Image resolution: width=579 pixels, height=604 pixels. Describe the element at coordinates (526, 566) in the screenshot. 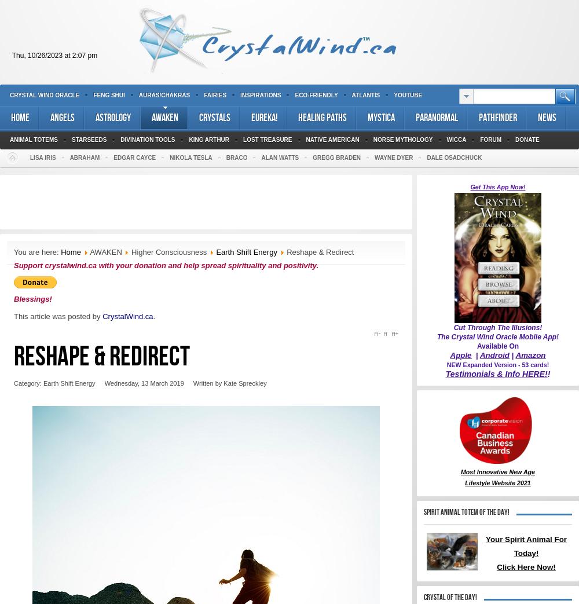

I see `'Click Here Now!'` at that location.